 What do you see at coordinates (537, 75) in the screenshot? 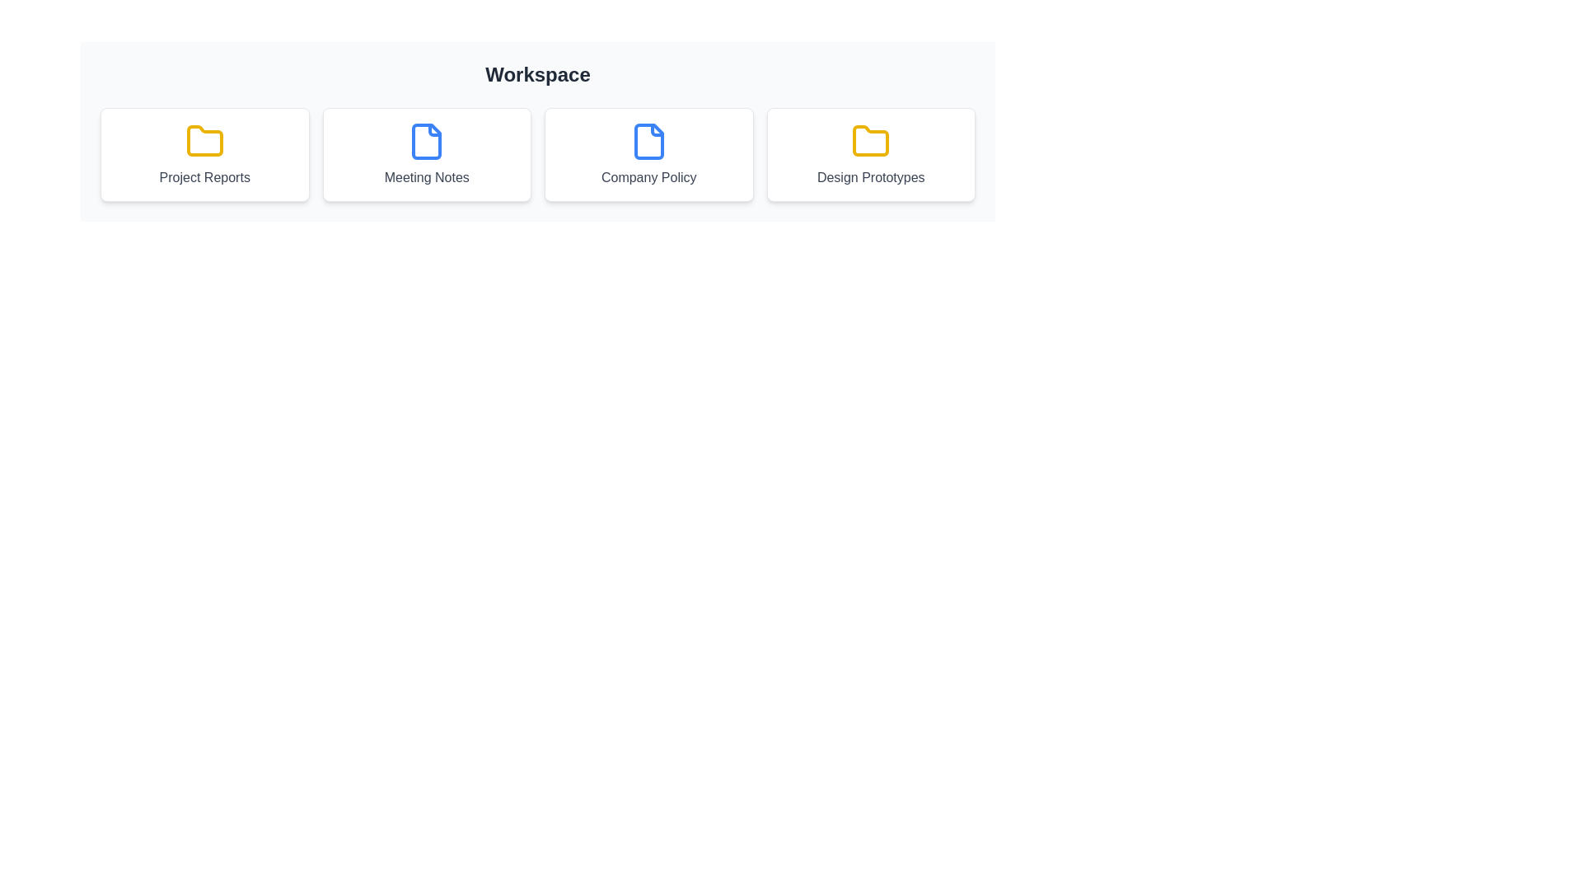
I see `header text element 'Workspace', which is a bold and large dark gray text located at the center top of the layout` at bounding box center [537, 75].